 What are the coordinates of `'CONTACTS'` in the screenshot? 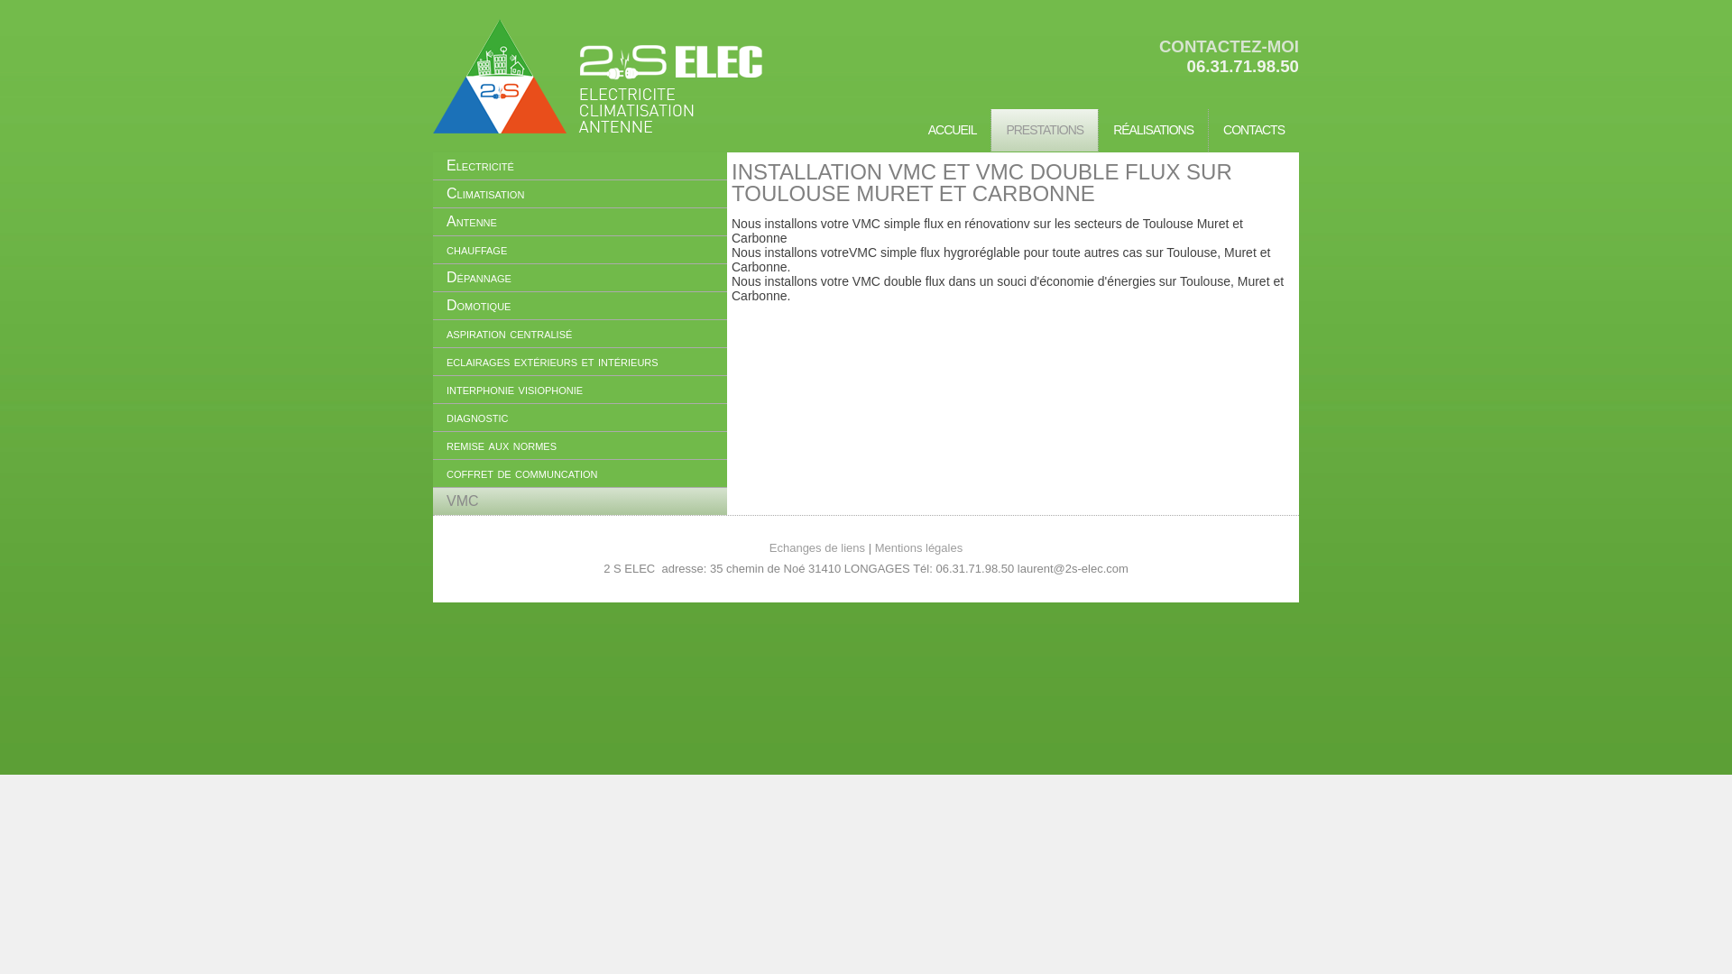 It's located at (1253, 129).